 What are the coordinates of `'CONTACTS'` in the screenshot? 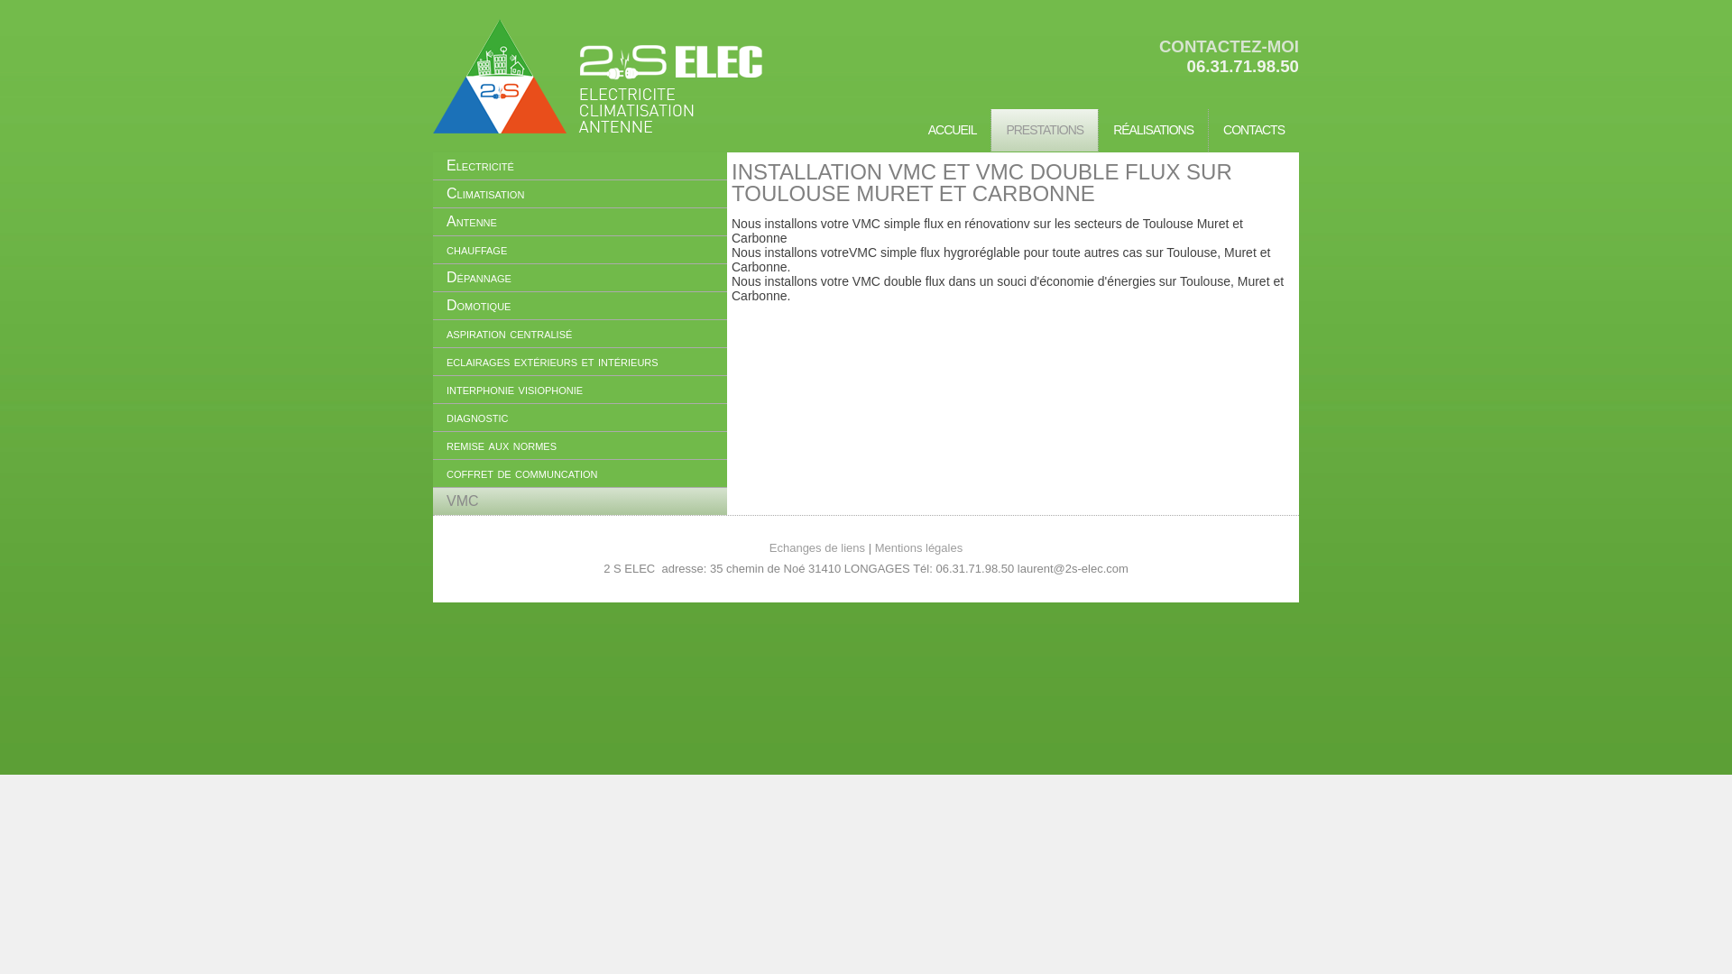 It's located at (1253, 129).